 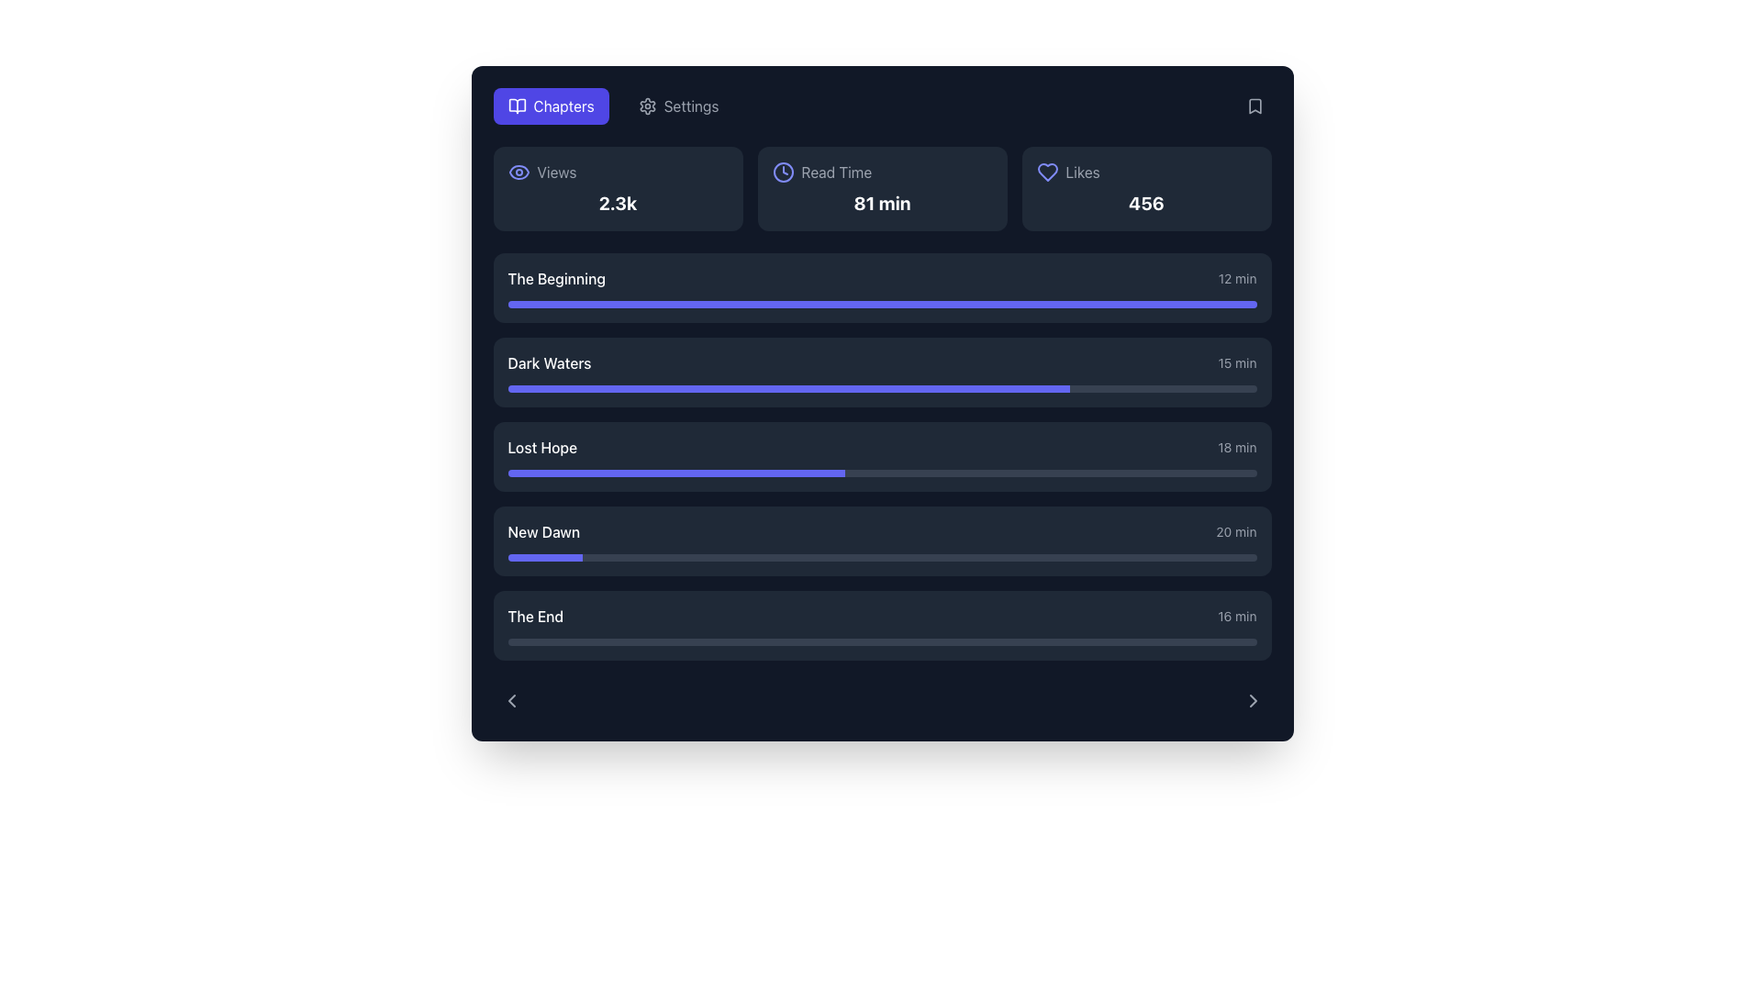 I want to click on the decorative clock icon, which is indigo in color and located to the left of the 'Read Time' text in the header section displaying statistics, so click(x=783, y=173).